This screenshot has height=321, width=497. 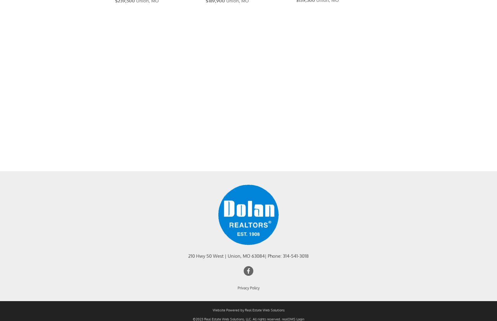 What do you see at coordinates (274, 263) in the screenshot?
I see `'| Phone:'` at bounding box center [274, 263].